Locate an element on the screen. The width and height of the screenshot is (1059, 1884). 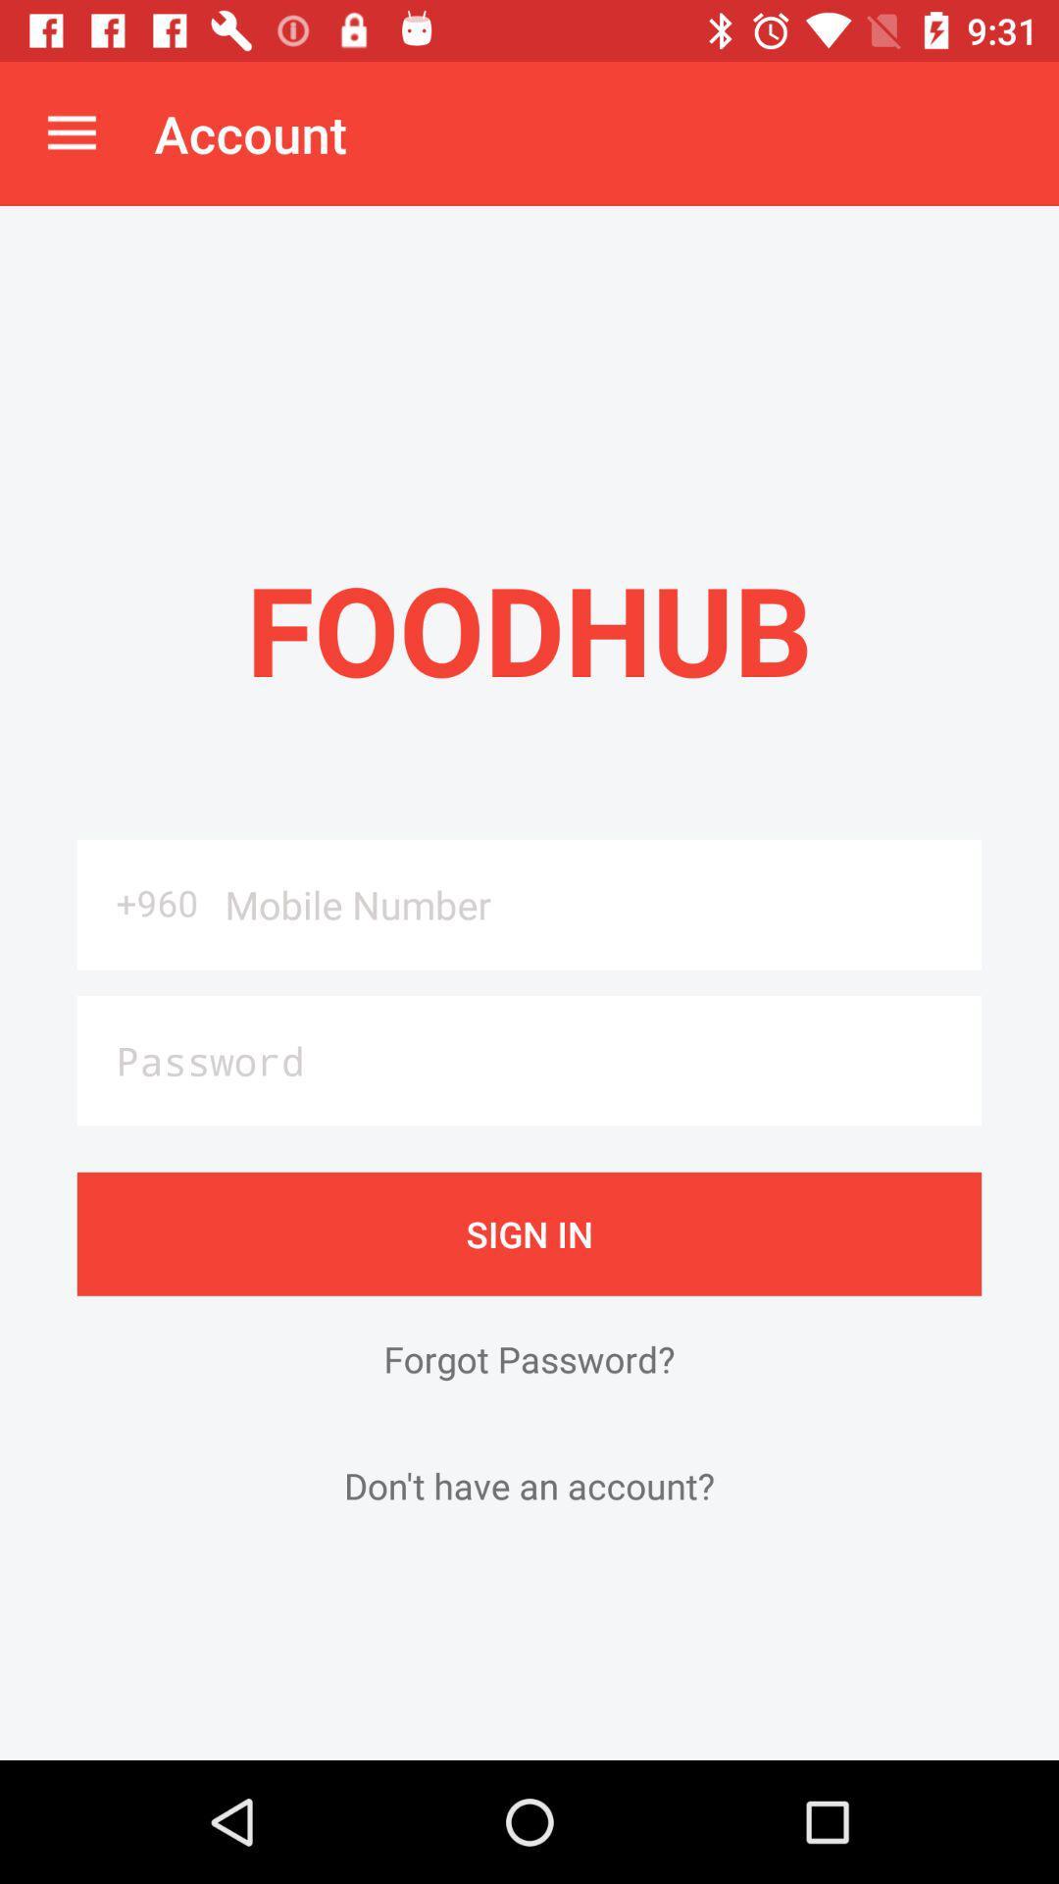
the sign in icon is located at coordinates (529, 1232).